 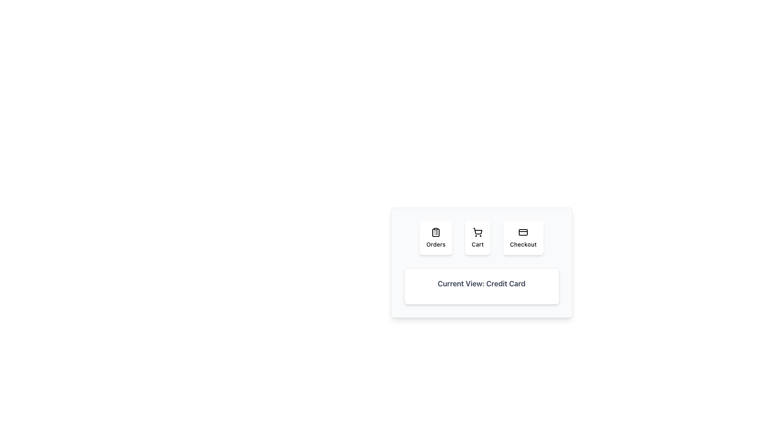 I want to click on the checkout button, which is the third button in a group of three, to initiate the checkout process, so click(x=523, y=237).